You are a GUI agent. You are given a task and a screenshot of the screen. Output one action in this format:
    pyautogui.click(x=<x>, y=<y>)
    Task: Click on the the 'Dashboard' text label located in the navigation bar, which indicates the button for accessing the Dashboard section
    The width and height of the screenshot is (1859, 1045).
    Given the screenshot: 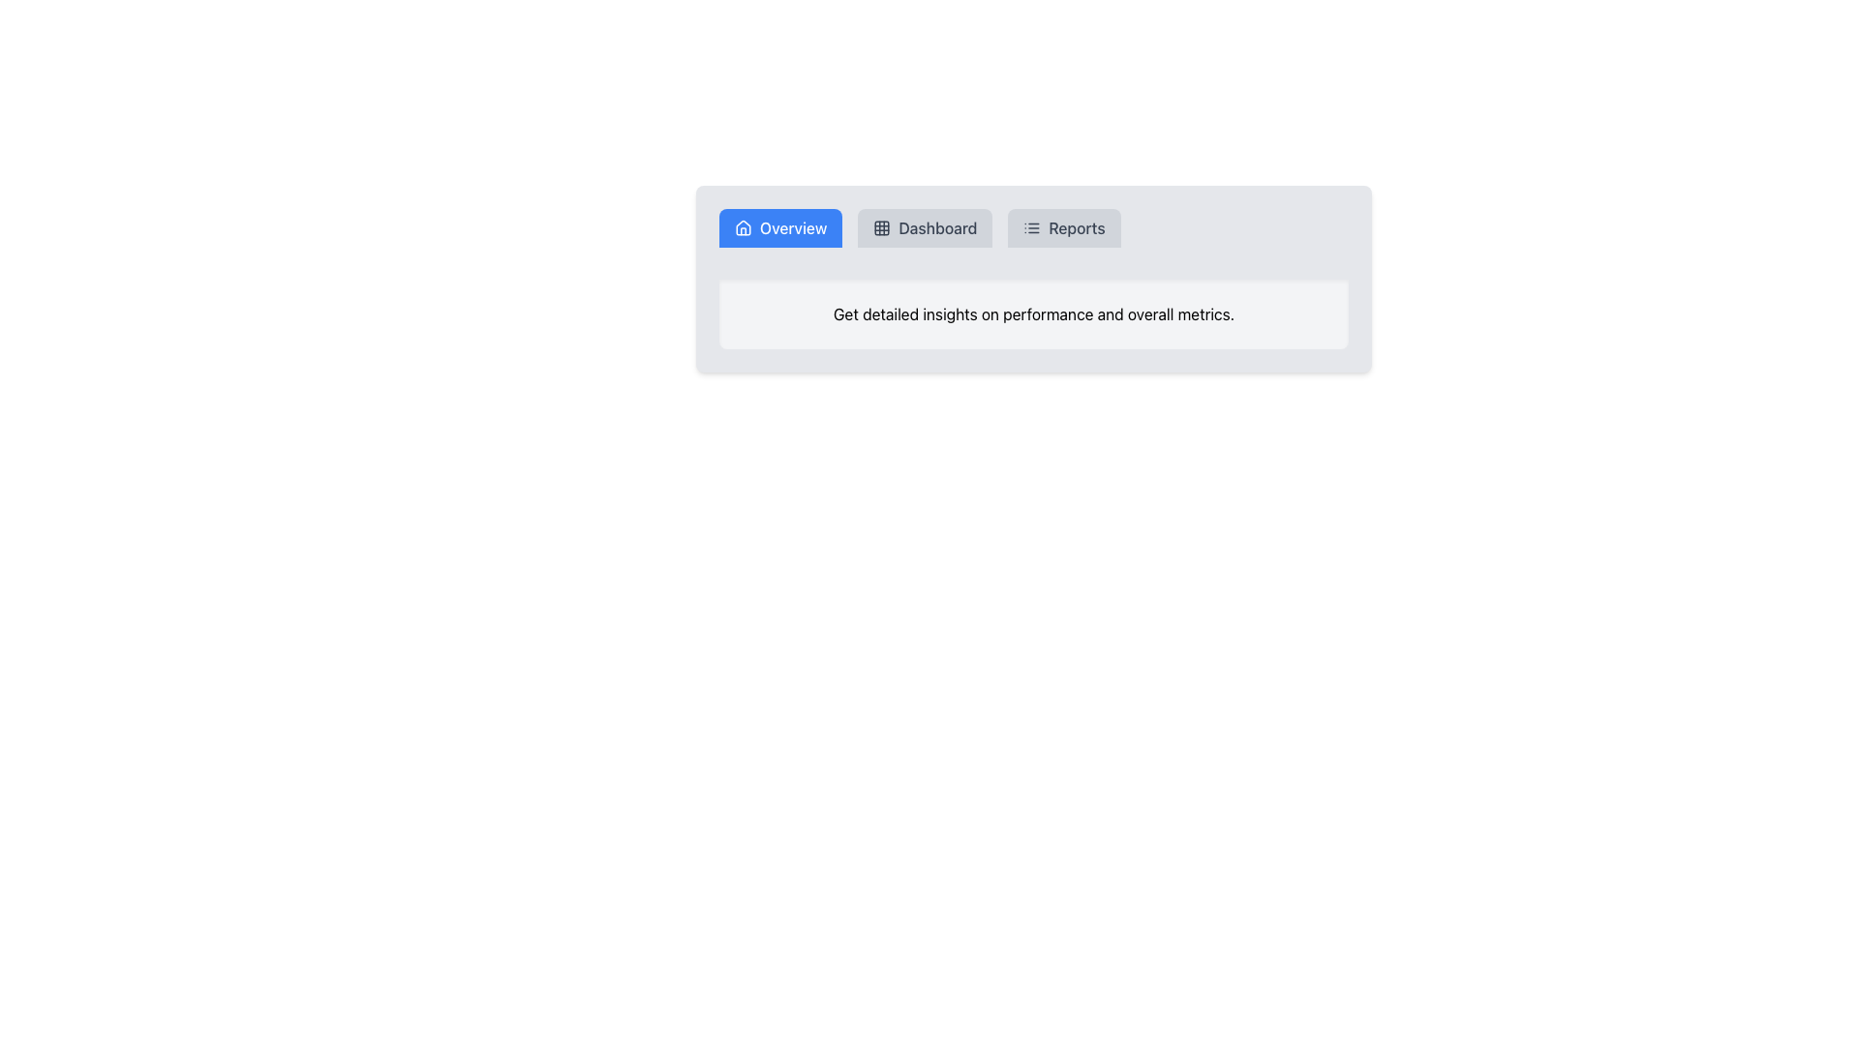 What is the action you would take?
    pyautogui.click(x=937, y=226)
    